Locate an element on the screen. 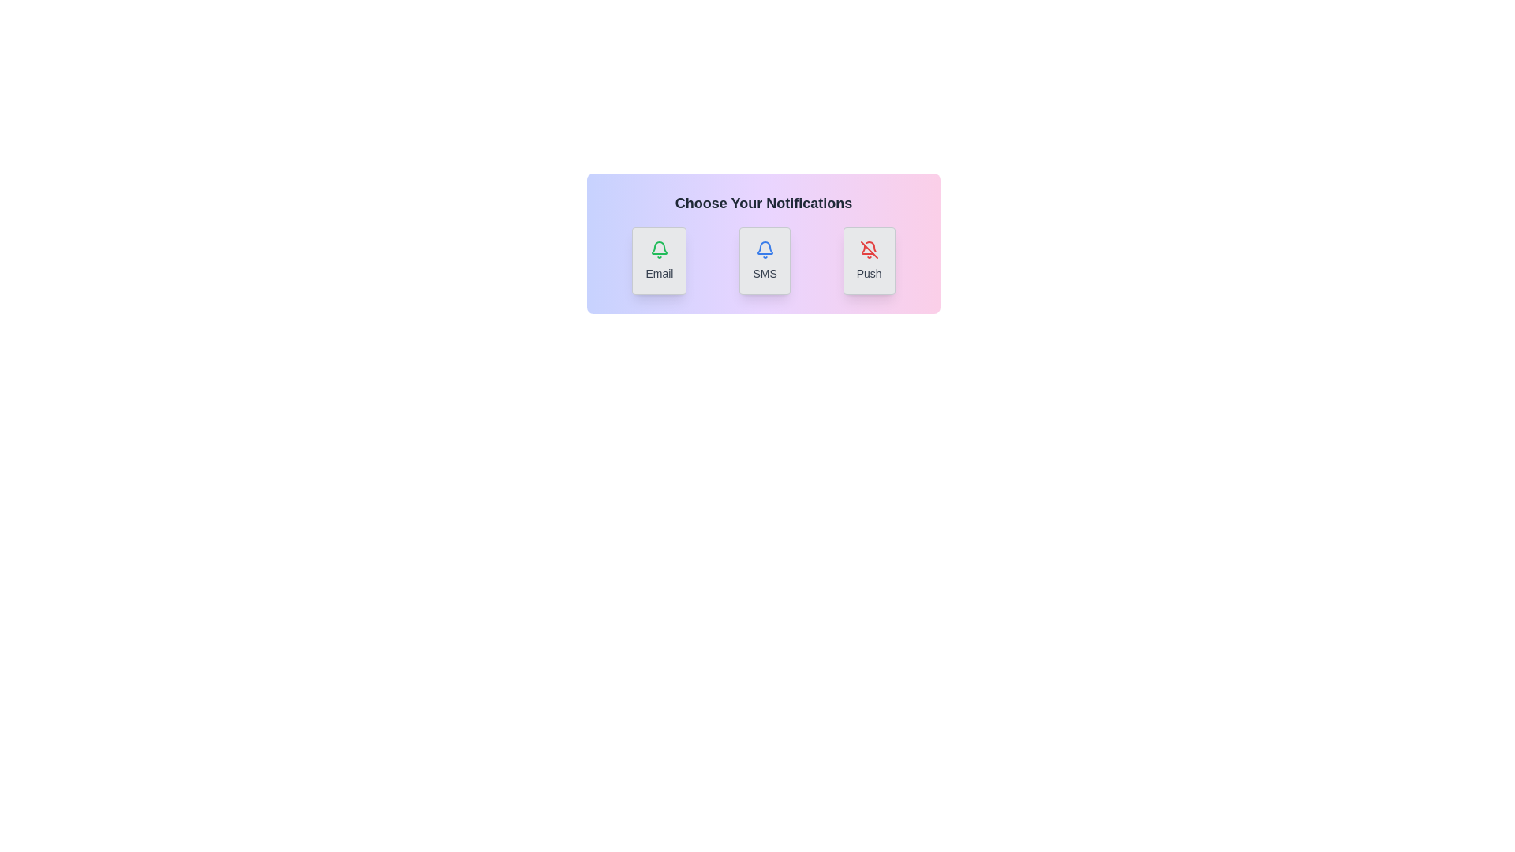  the visual indicator for SMS is located at coordinates (765, 260).